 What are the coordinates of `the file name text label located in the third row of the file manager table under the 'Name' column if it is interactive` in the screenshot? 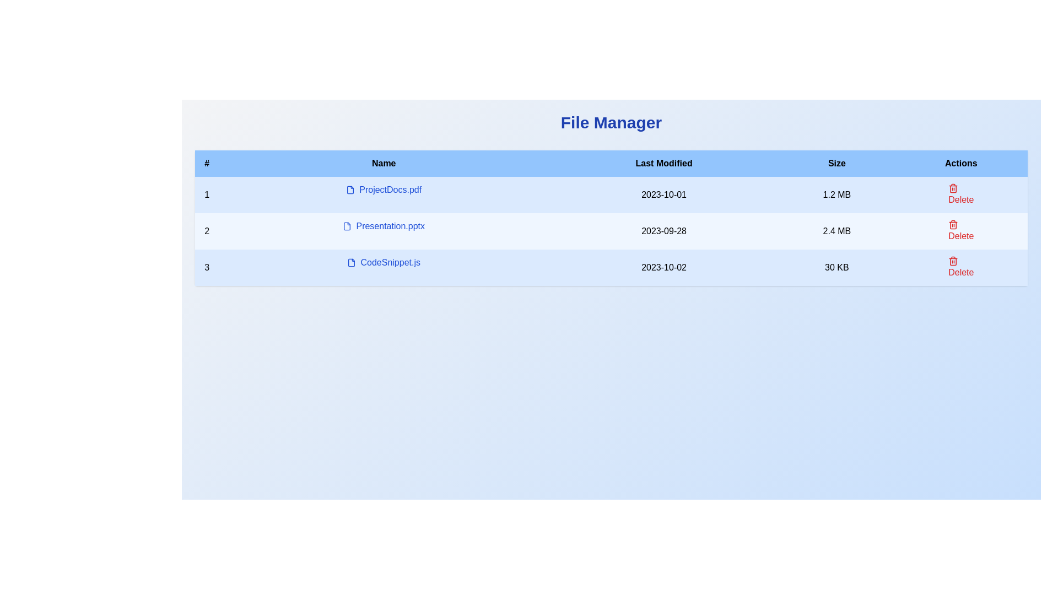 It's located at (384, 263).